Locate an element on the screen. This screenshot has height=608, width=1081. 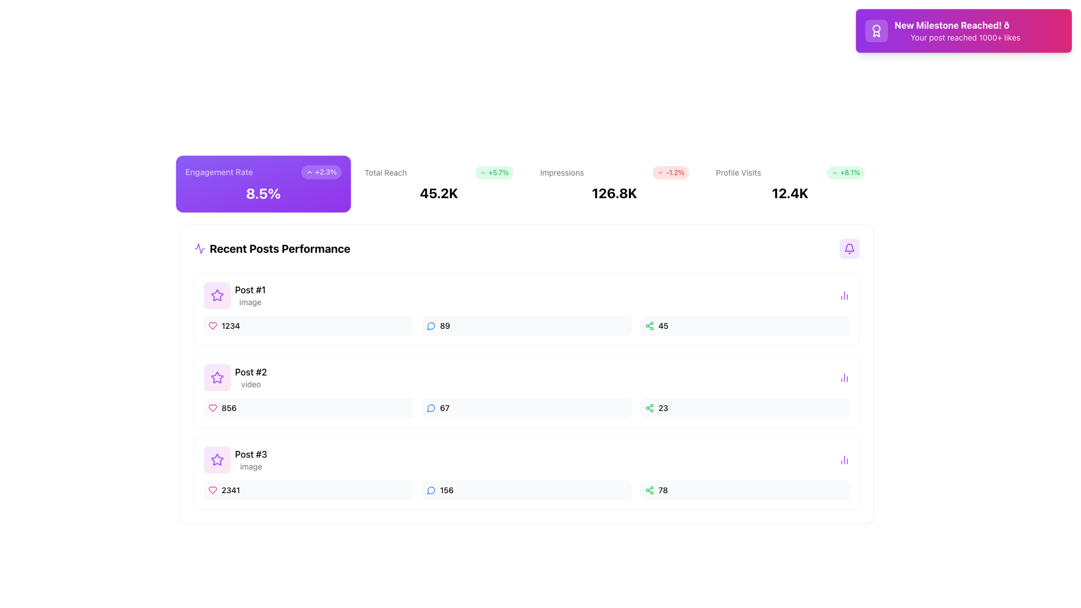
the Statistical display indicating the number of comments or messages associated with 'Post #3' in the 'Recent Posts Performance' section is located at coordinates (526, 490).